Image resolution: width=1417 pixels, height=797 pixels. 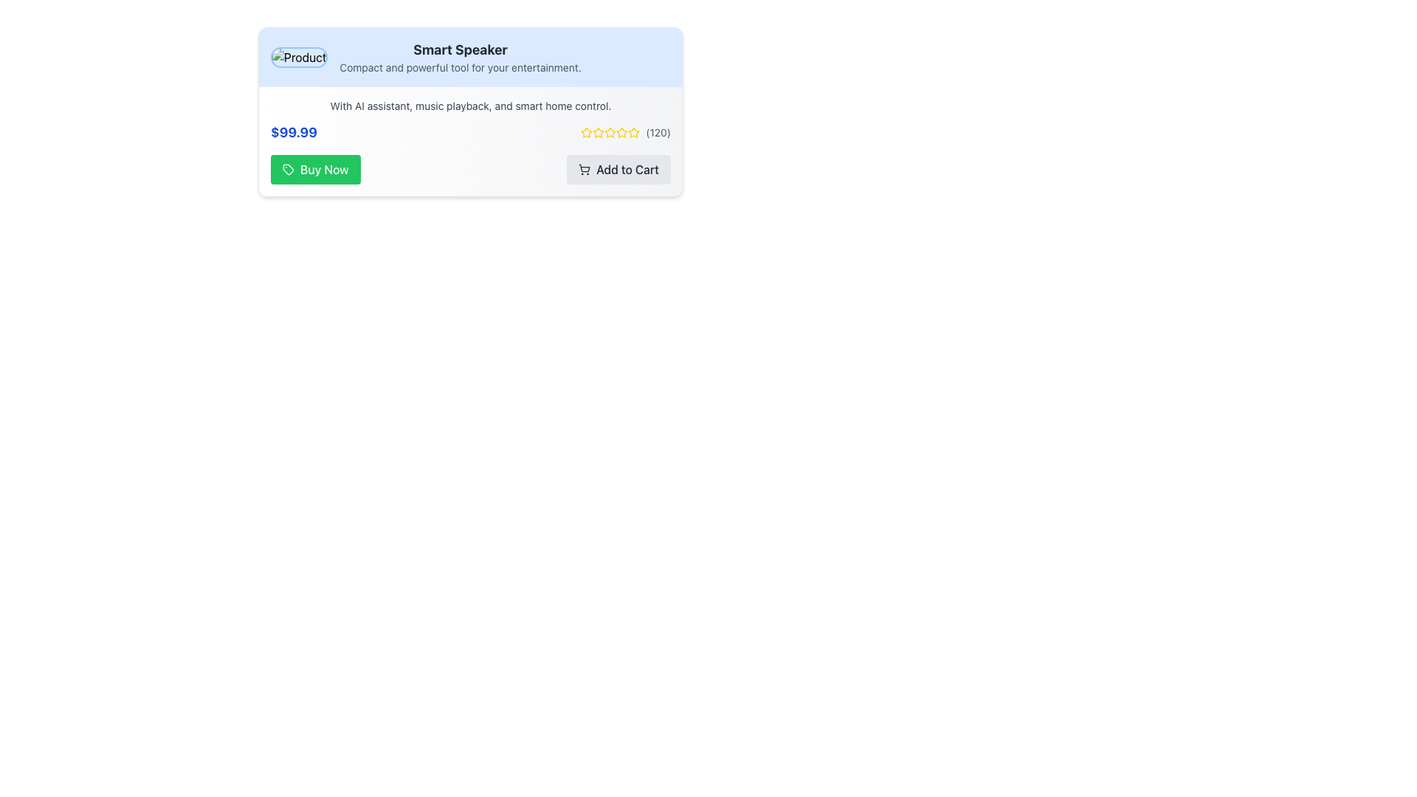 I want to click on the graphic/icon that serves as a visual indicator related to product information, located within the content panel, slightly above the center-left section, near the product price and action buttons, so click(x=288, y=169).